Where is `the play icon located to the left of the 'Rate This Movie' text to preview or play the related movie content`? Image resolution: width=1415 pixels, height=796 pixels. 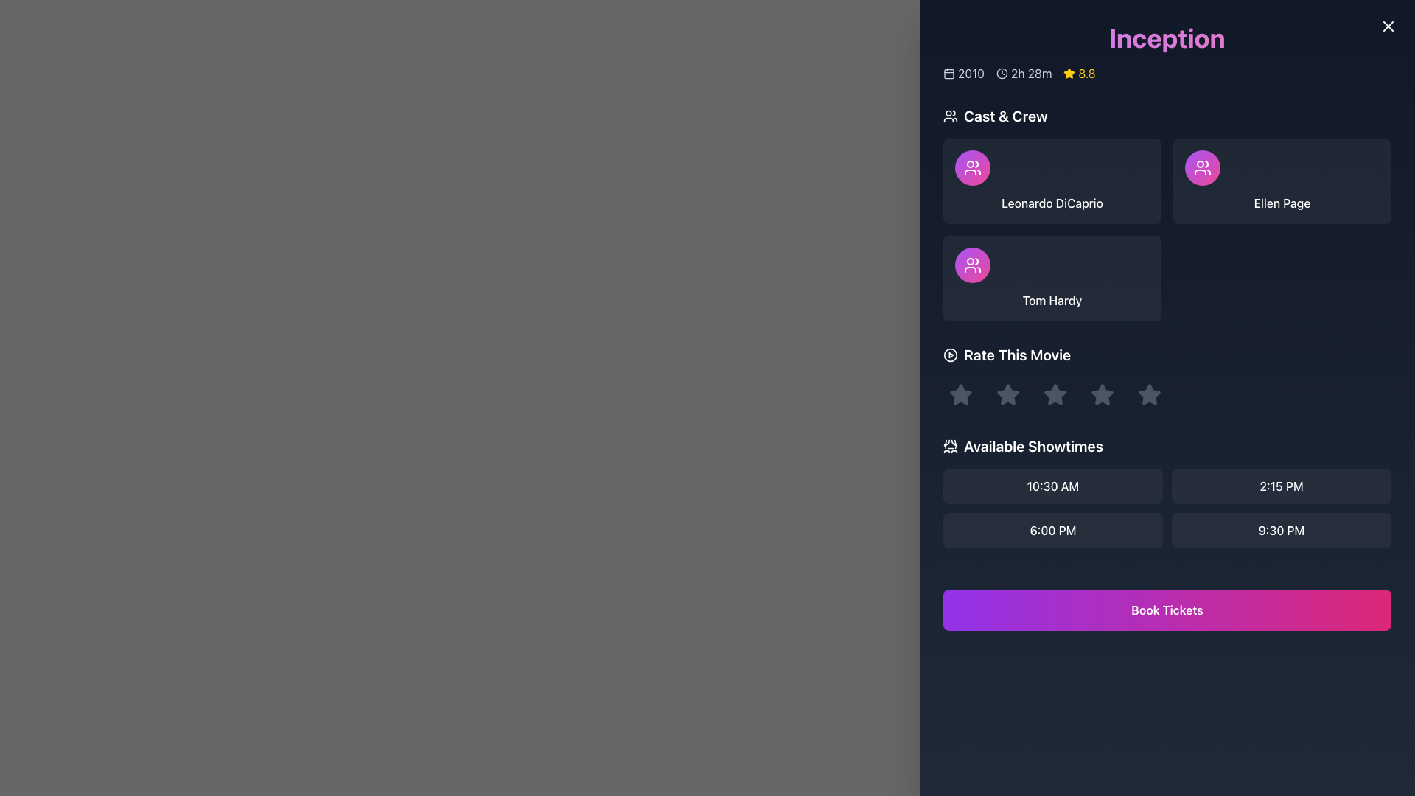
the play icon located to the left of the 'Rate This Movie' text to preview or play the related movie content is located at coordinates (951, 355).